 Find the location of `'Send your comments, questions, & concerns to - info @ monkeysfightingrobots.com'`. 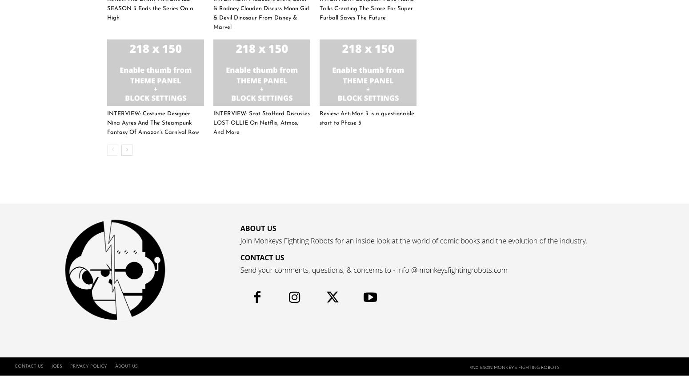

'Send your comments, questions, & concerns to - info @ monkeysfightingrobots.com' is located at coordinates (373, 270).